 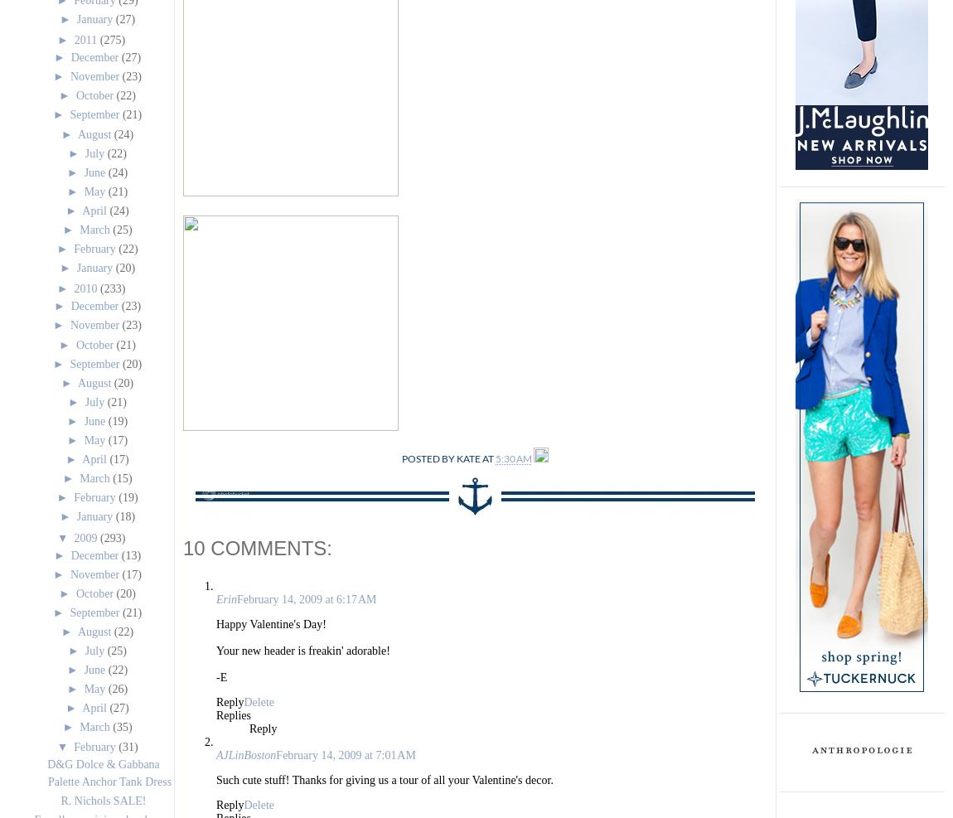 I want to click on '2011', so click(x=73, y=39).